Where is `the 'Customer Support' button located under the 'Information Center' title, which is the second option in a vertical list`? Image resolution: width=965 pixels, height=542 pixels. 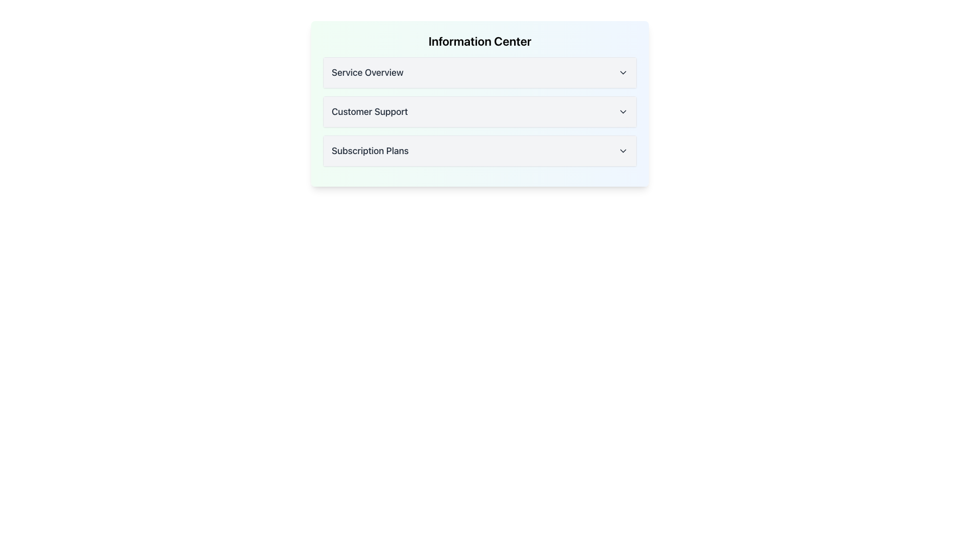 the 'Customer Support' button located under the 'Information Center' title, which is the second option in a vertical list is located at coordinates (479, 112).